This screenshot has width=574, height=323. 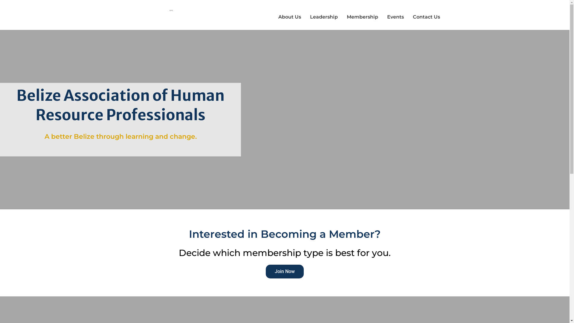 I want to click on 'About Us', so click(x=290, y=17).